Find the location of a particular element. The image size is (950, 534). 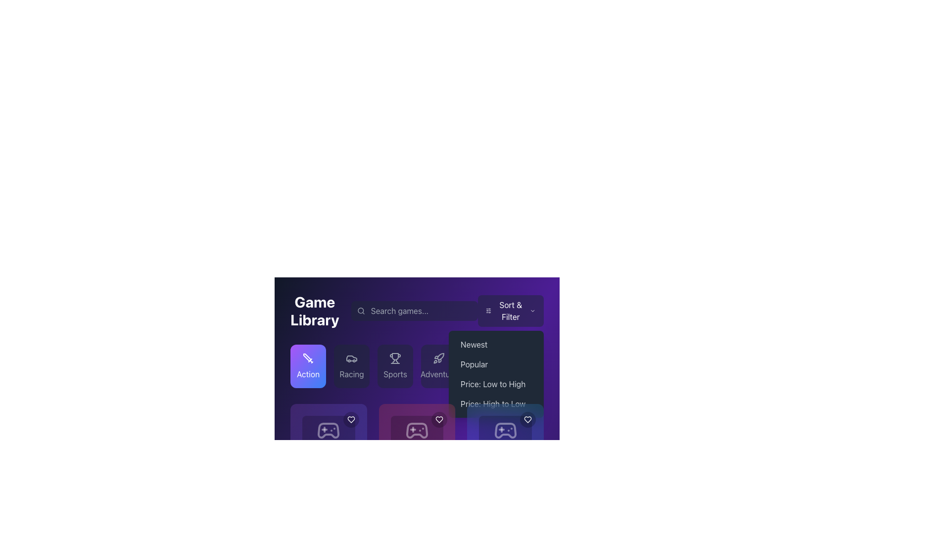

the favorite button icon located in the top-right corner of the game card in the second row under the 'Action' category to mark the game as a favorite is located at coordinates (351, 419).